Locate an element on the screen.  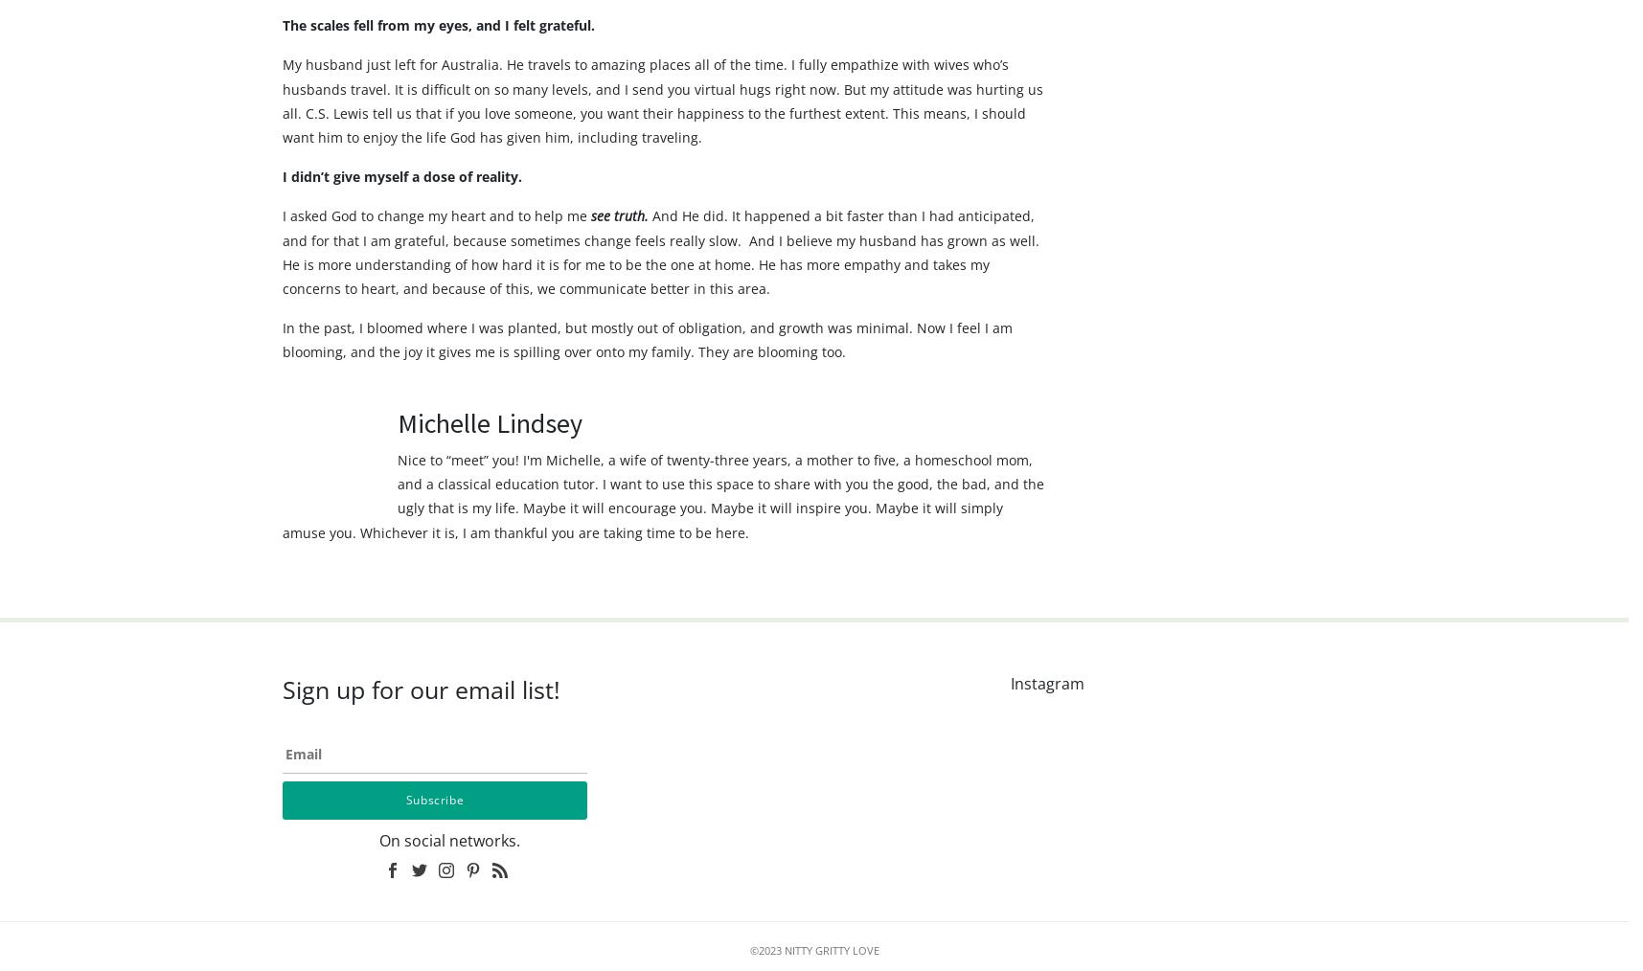
'The scales fell from my eyes, and I felt grateful.' is located at coordinates (440, 61).